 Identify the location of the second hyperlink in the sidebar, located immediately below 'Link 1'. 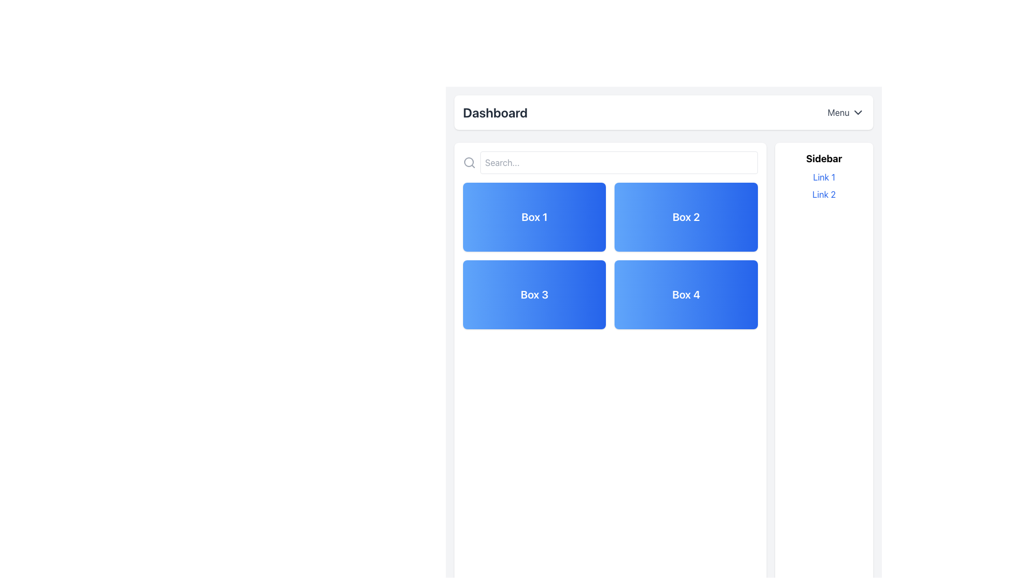
(823, 195).